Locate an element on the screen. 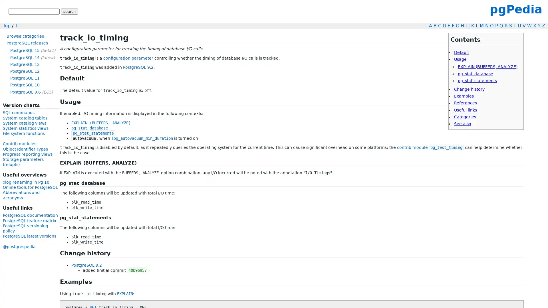 The width and height of the screenshot is (548, 308). search is located at coordinates (69, 11).